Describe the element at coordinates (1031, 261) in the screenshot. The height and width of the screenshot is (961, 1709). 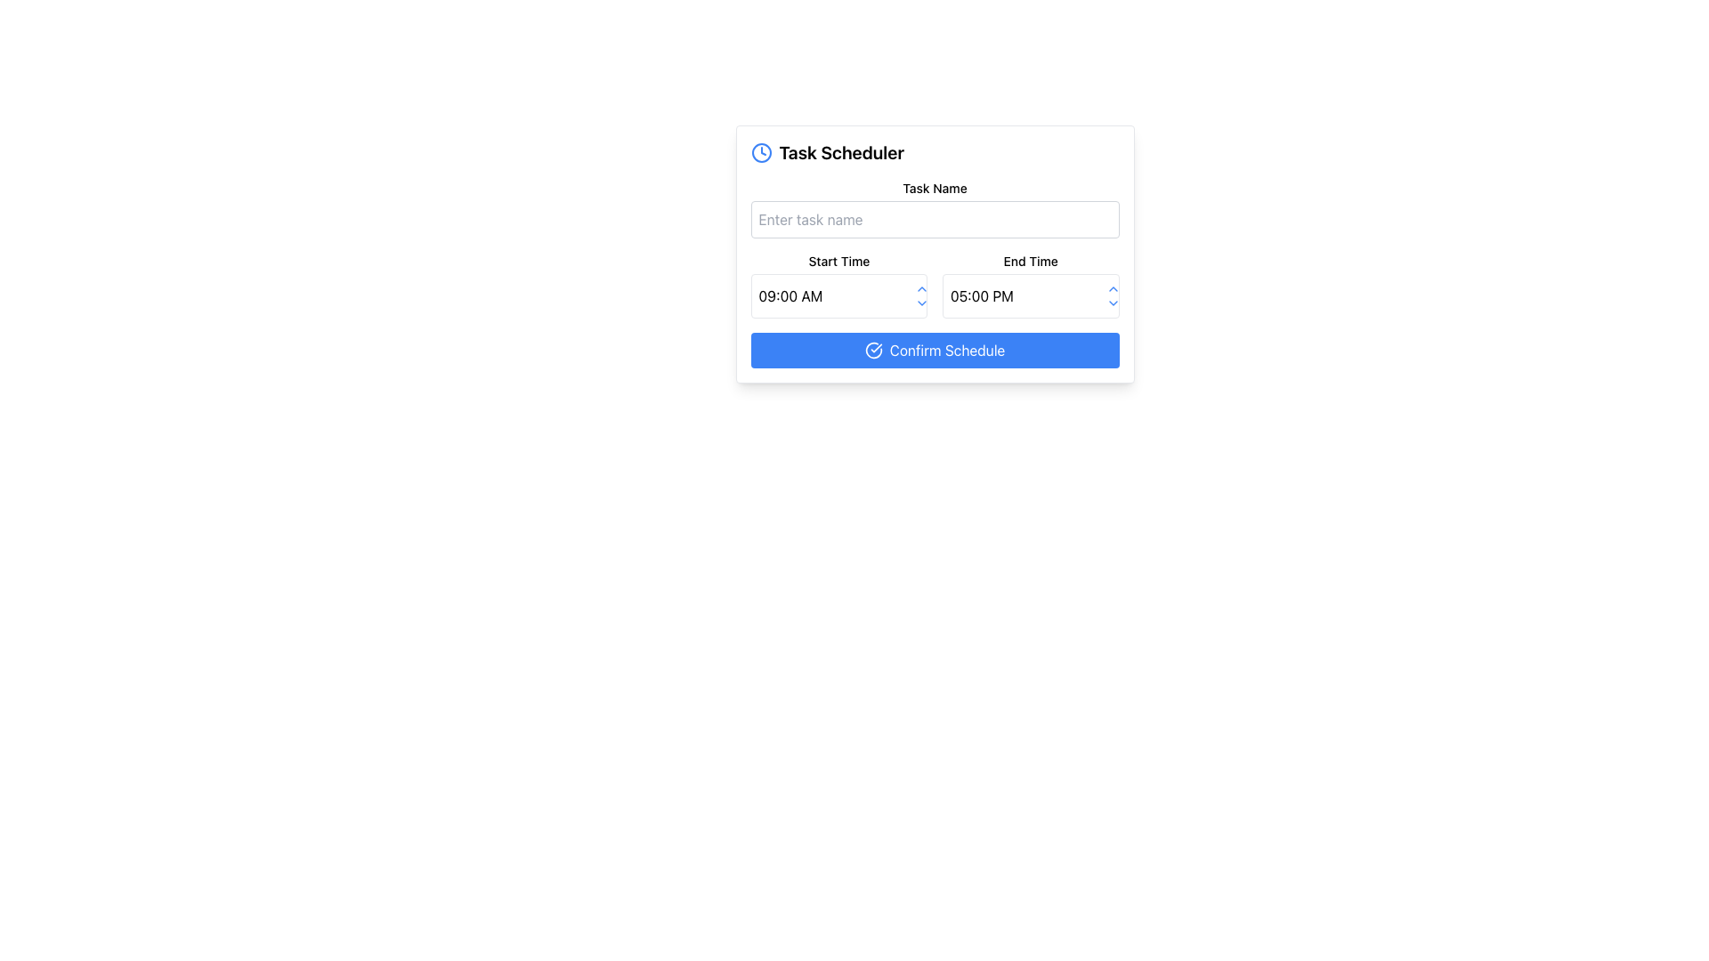
I see `the 'End Time' label, which is a small bold text label positioned in the lower center part of the form layout, directly above the end time input field` at that location.